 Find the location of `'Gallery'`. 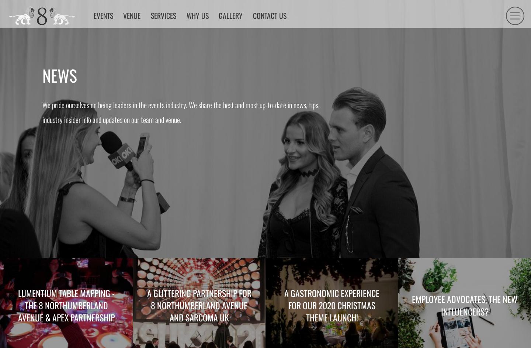

'Gallery' is located at coordinates (264, 35).